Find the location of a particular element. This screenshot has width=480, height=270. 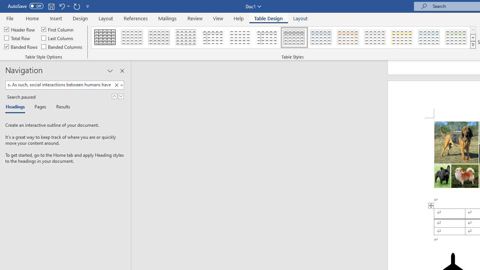

'Grid Table 1 Light - Accent 6' is located at coordinates (456, 37).